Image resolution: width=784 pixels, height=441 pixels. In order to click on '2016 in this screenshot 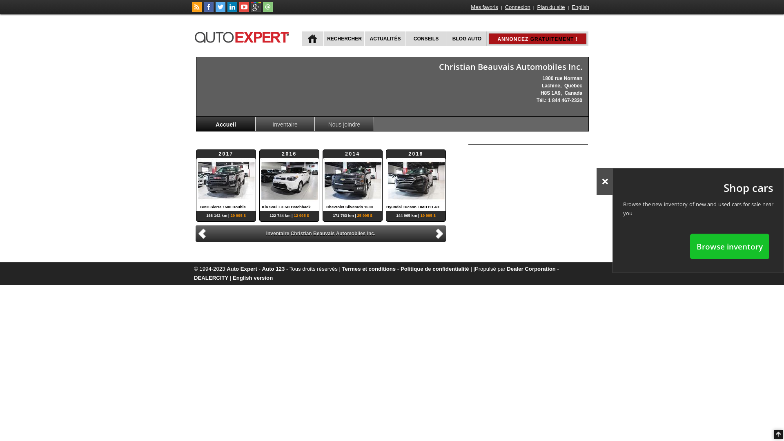, I will do `click(289, 180)`.